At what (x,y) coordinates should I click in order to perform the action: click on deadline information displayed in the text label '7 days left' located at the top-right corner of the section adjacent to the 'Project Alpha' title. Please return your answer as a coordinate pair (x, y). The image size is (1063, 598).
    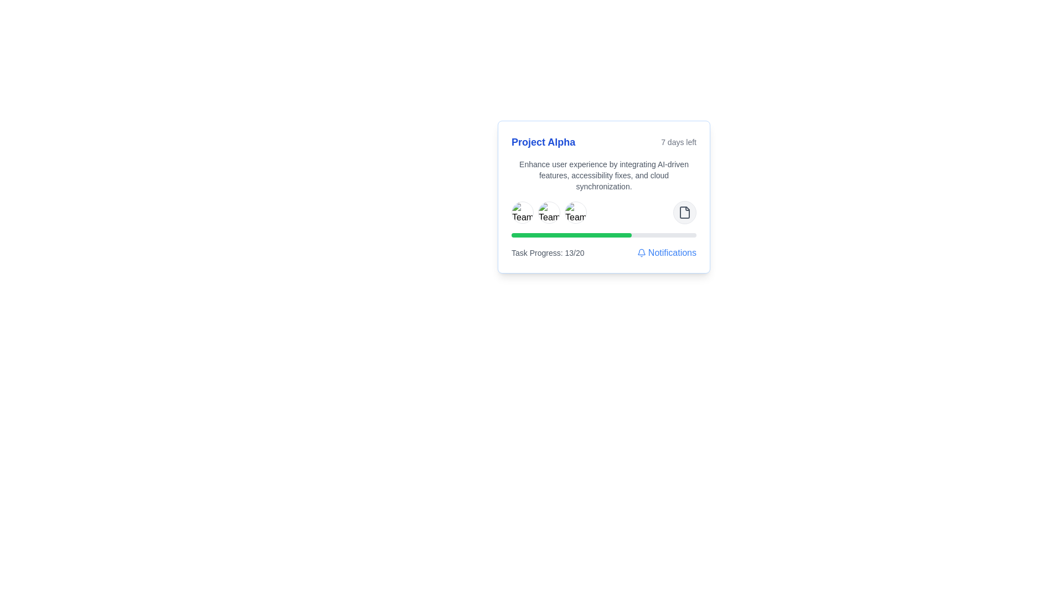
    Looking at the image, I should click on (678, 142).